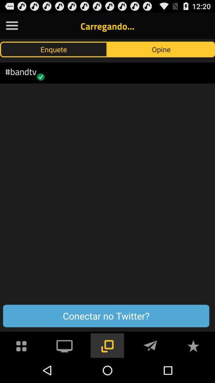 The height and width of the screenshot is (383, 215). What do you see at coordinates (54, 49) in the screenshot?
I see `enquete button` at bounding box center [54, 49].